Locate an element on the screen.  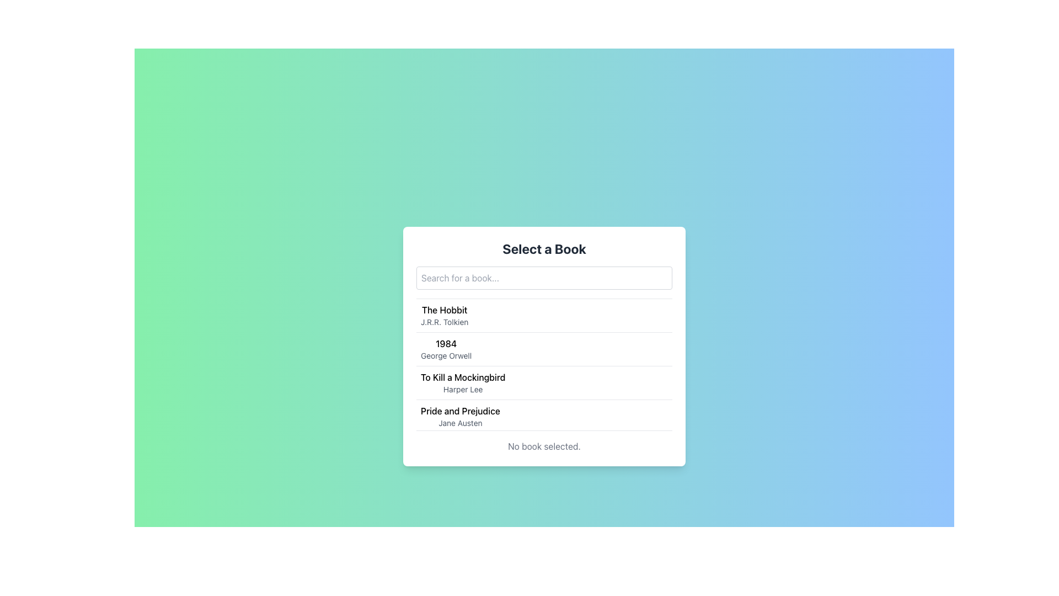
the item entry displaying '1984' by George Orwell, which is the second item in the vertical list of books is located at coordinates (446, 349).